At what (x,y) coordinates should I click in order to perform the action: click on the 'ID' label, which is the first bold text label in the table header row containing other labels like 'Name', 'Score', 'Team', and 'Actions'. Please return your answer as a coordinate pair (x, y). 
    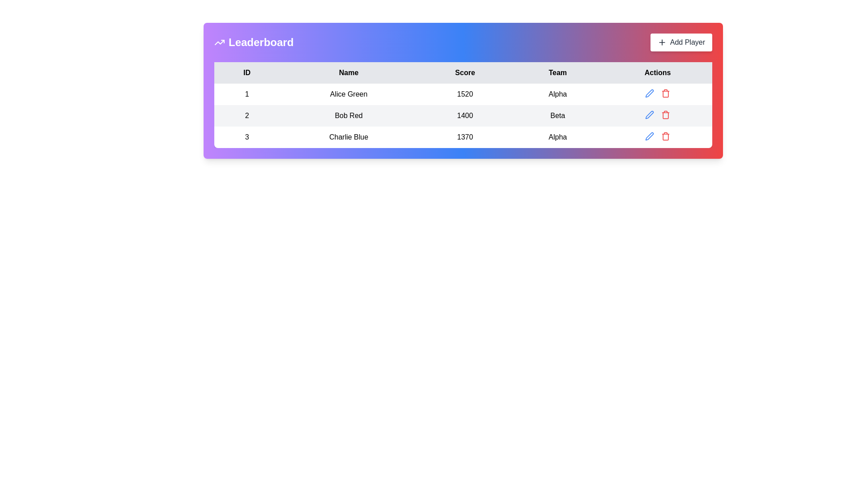
    Looking at the image, I should click on (247, 72).